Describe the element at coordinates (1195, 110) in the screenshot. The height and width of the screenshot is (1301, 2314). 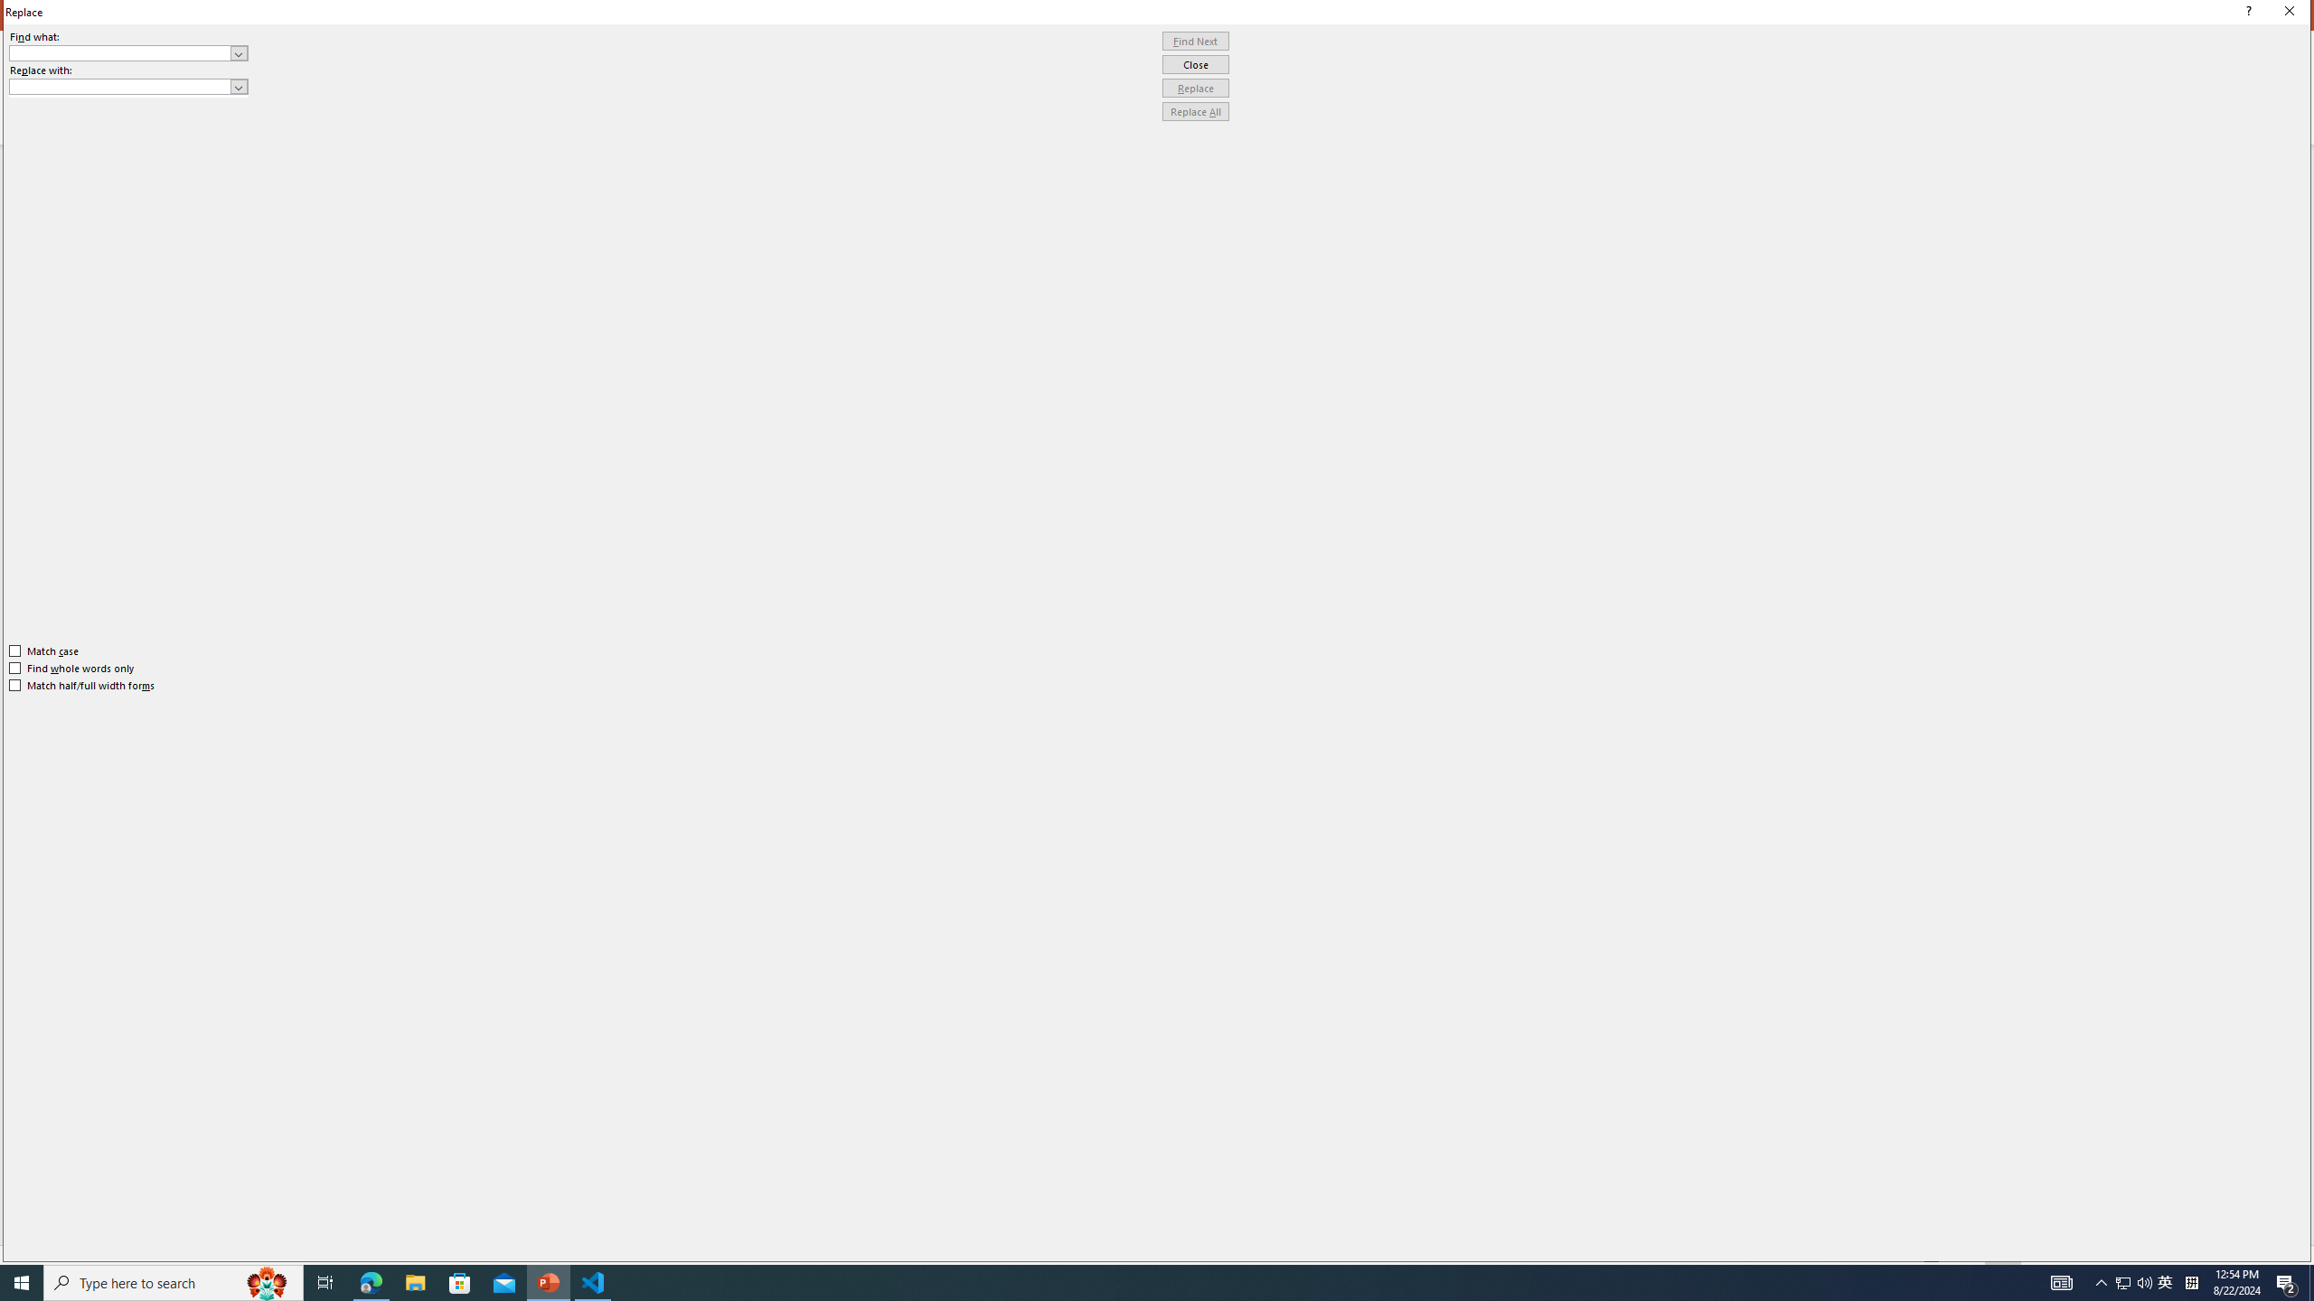
I see `'Replace All'` at that location.